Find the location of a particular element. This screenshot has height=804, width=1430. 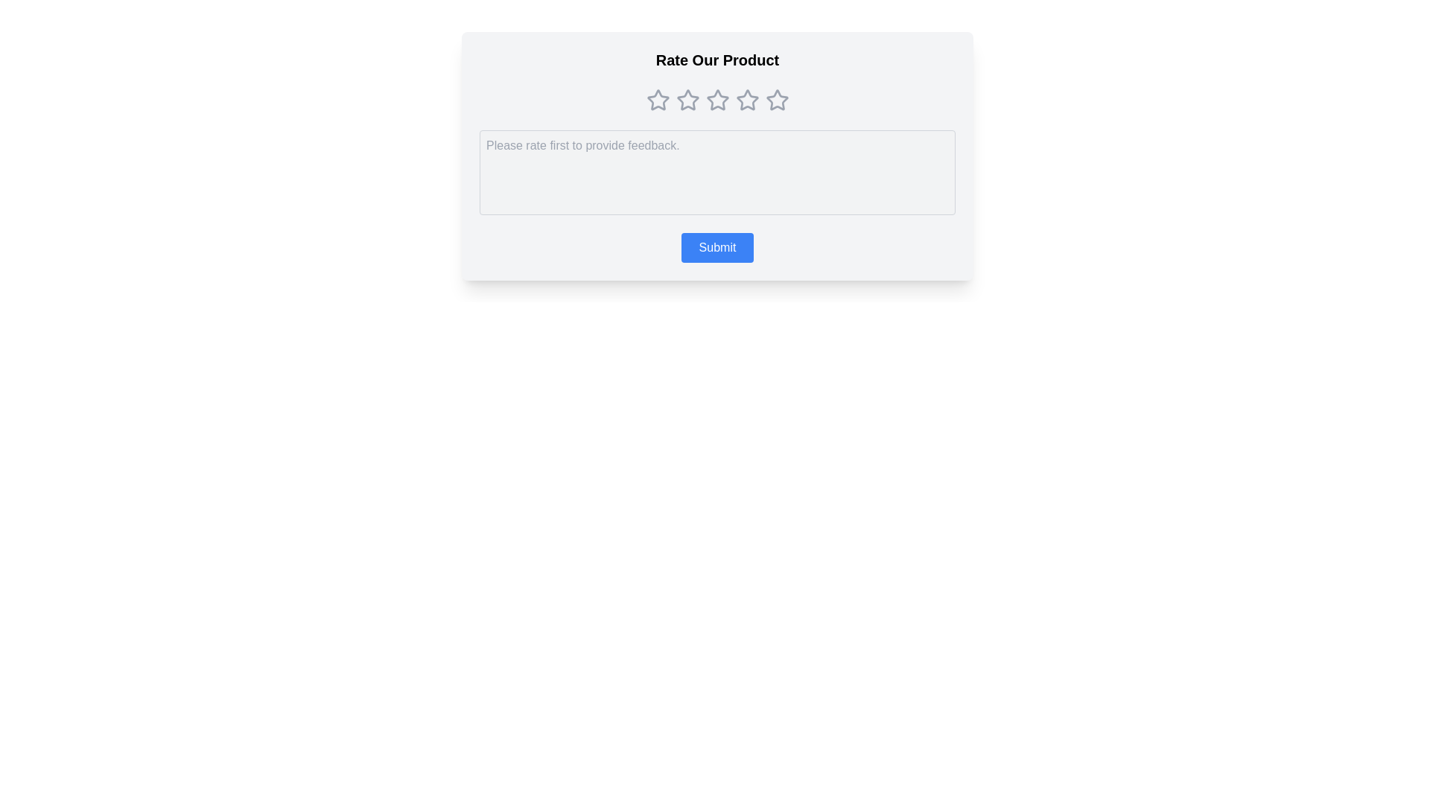

the fourth star icon in the horizontal row of rating options is located at coordinates (717, 100).